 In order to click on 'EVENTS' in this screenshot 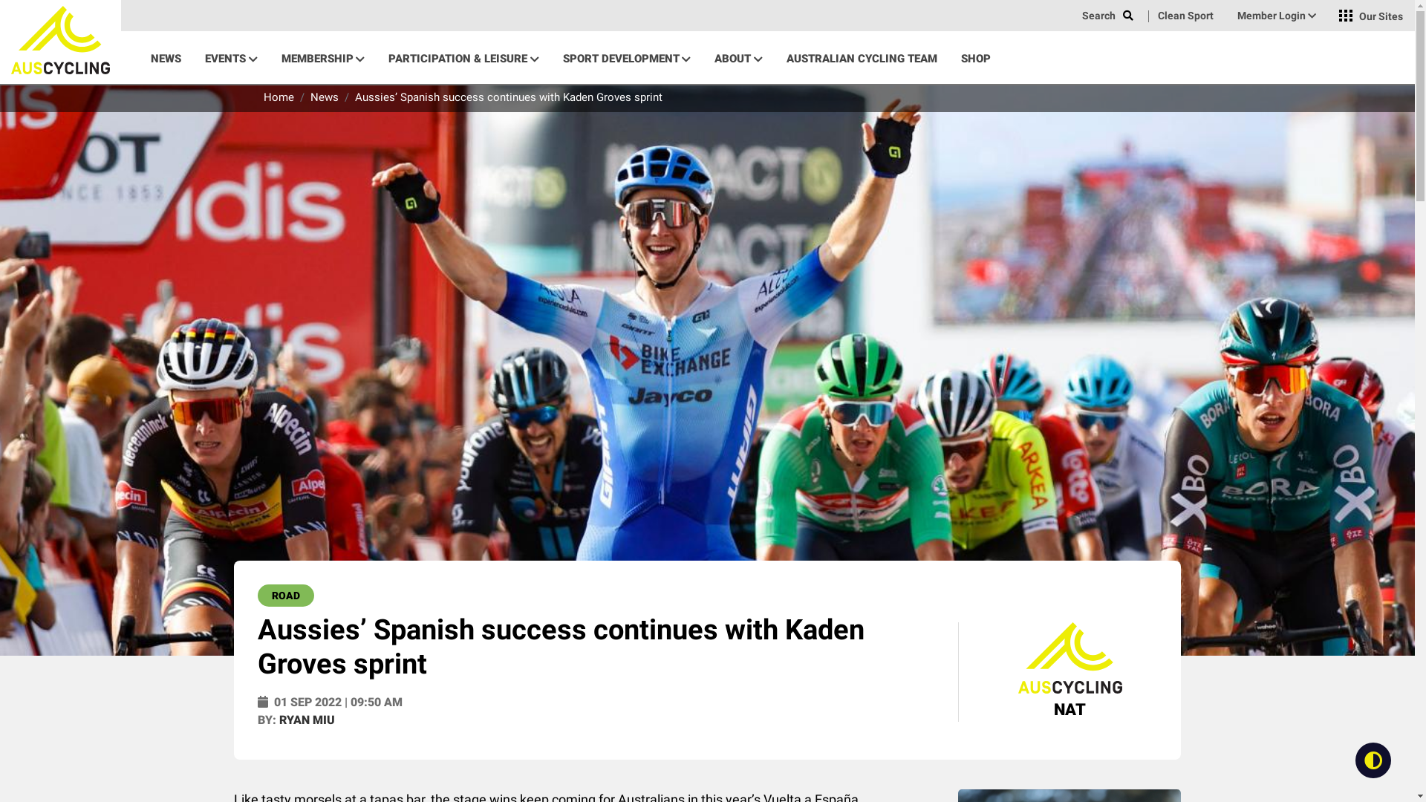, I will do `click(230, 57)`.